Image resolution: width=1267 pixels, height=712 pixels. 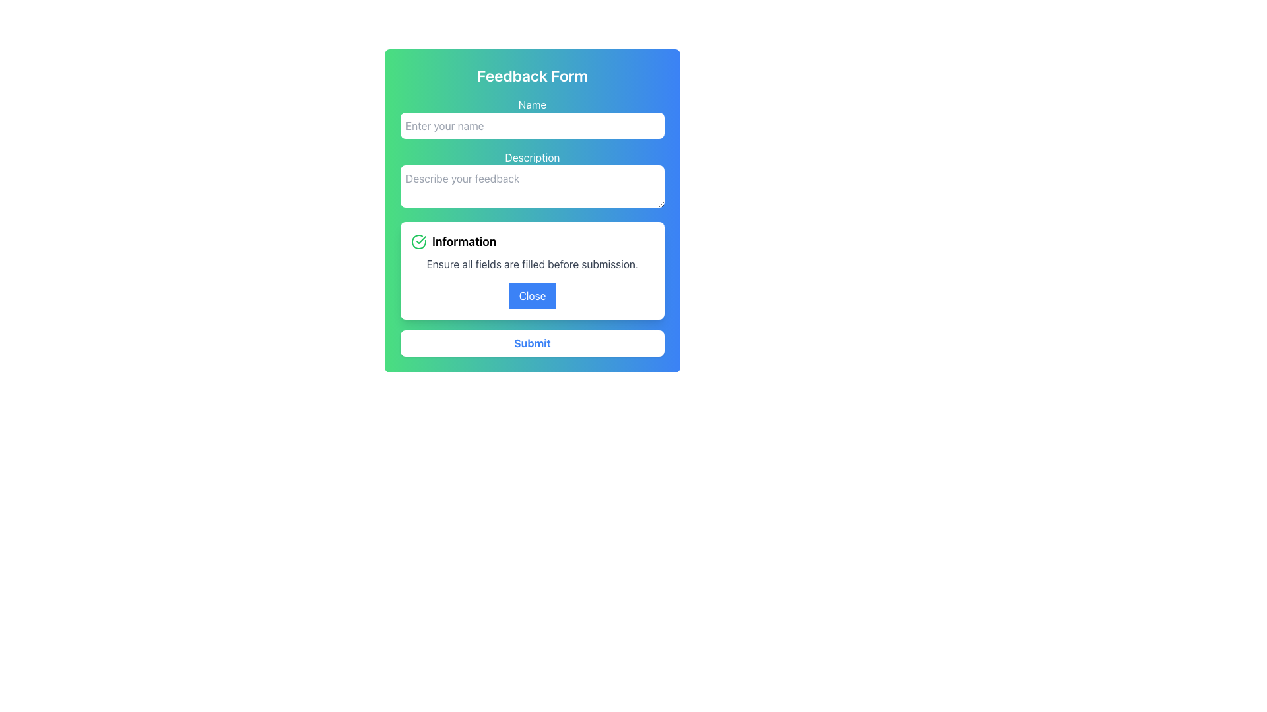 What do you see at coordinates (532, 295) in the screenshot?
I see `the close button located at the bottom of the modal box` at bounding box center [532, 295].